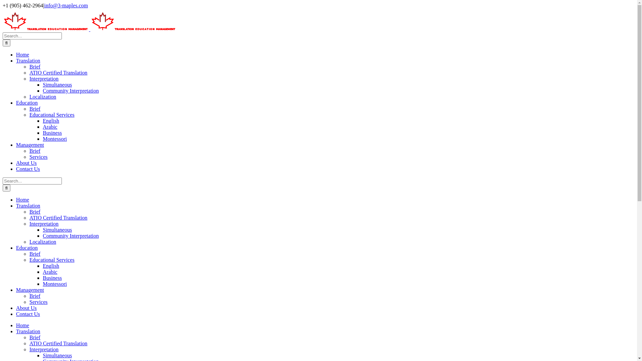  I want to click on 'Home', so click(22, 54).